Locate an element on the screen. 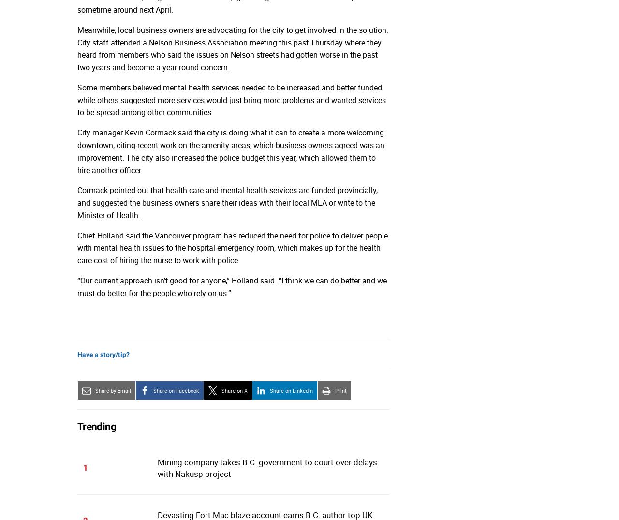  'Cormack pointed out that health care and mental health services are funded provincially, and suggested the business owners share their ideas with their local MLA or write to the Minister of Health.' is located at coordinates (227, 202).